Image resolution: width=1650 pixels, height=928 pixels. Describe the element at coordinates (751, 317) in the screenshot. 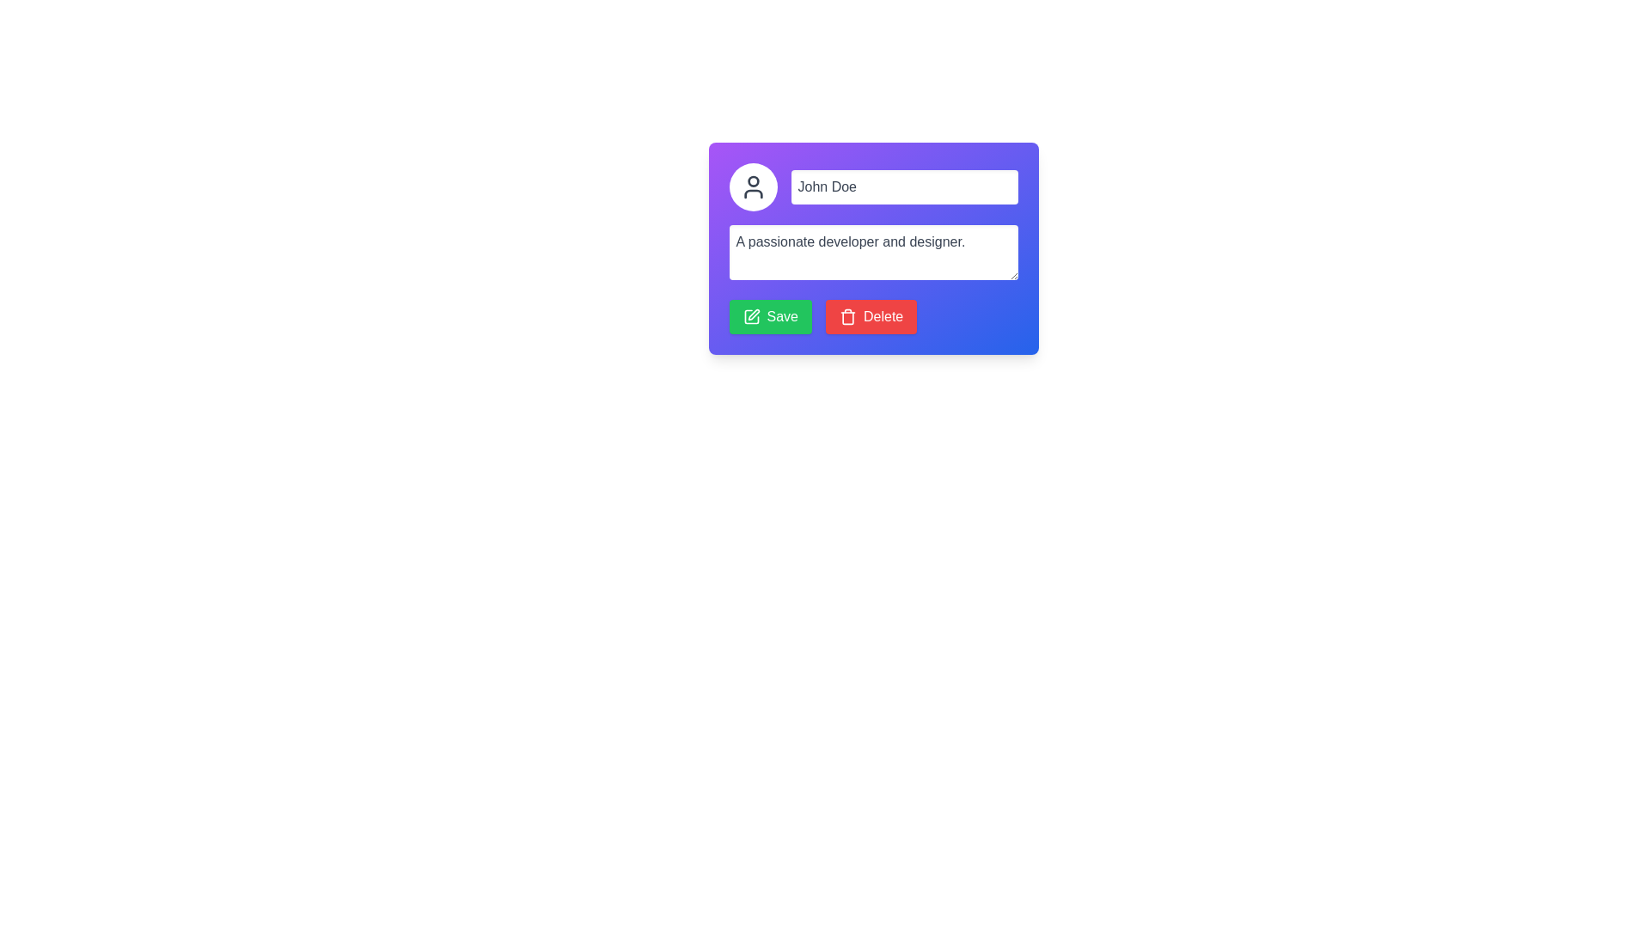

I see `the 'Save' button associated with the Save icon located at the bottom-left side of the form interface` at that location.